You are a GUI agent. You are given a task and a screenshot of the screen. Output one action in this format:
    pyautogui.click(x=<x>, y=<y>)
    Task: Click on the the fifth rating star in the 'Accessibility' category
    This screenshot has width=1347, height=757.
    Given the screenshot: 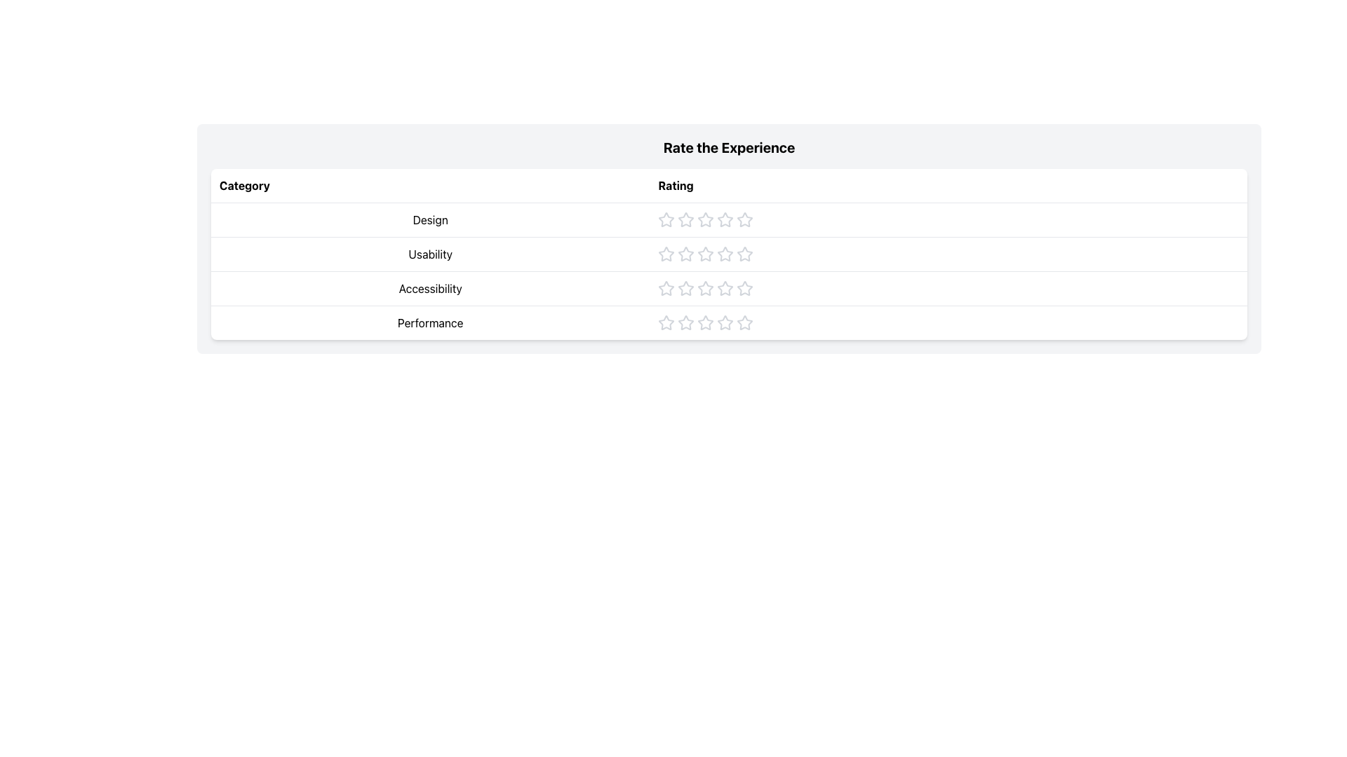 What is the action you would take?
    pyautogui.click(x=744, y=288)
    